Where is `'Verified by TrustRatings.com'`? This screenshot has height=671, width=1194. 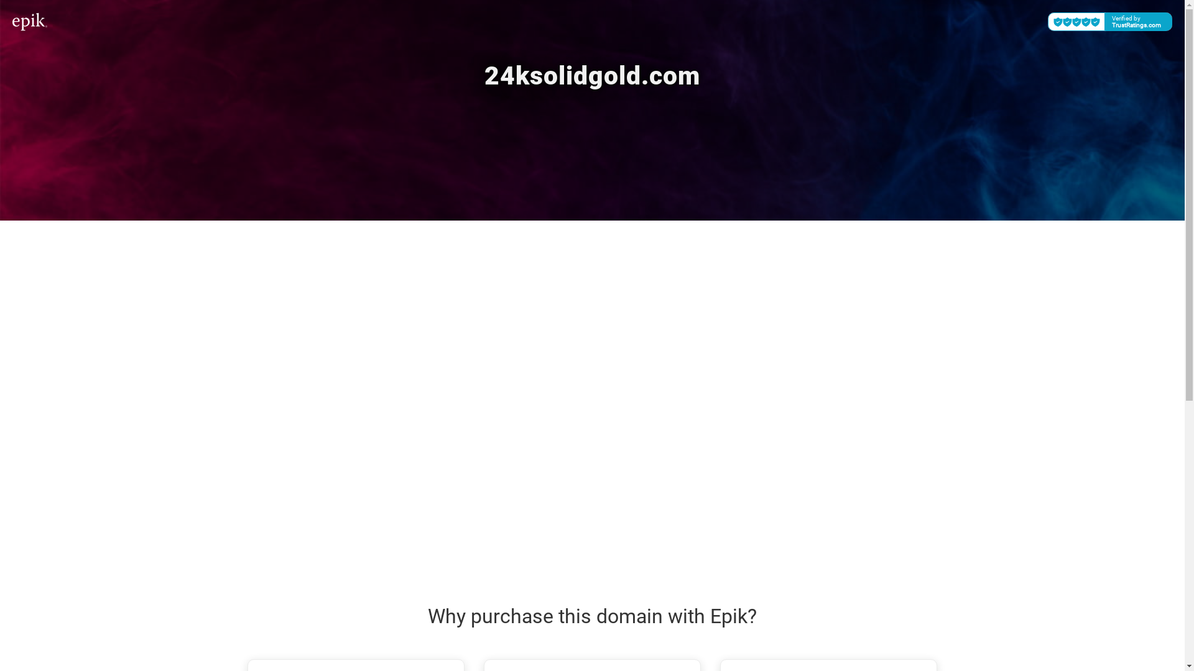 'Verified by TrustRatings.com' is located at coordinates (1047, 21).